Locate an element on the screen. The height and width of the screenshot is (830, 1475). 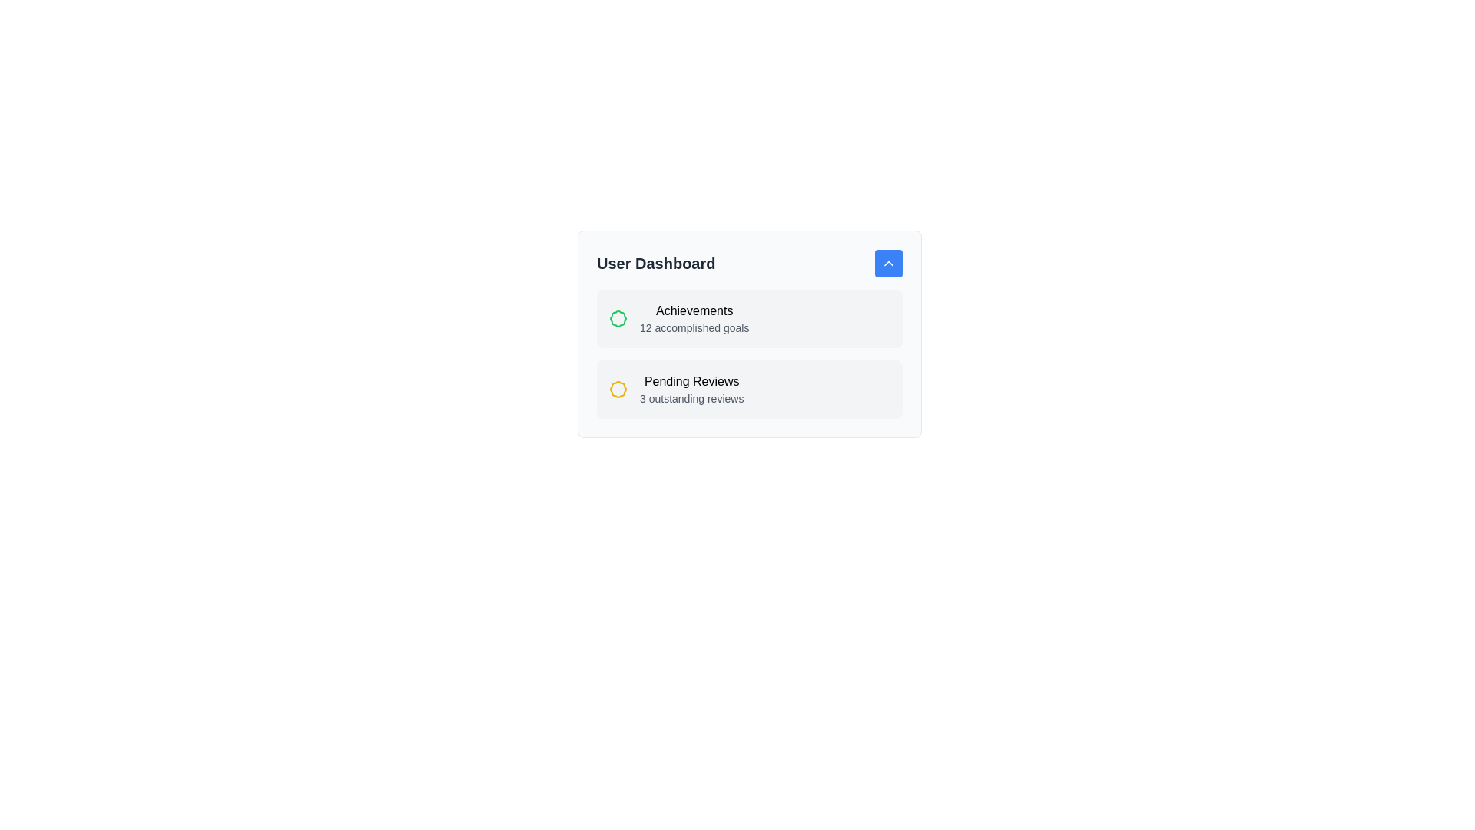
SVG Icon that serves as a visual indicator for the 'Achievements' section in the User Dashboard panel, located to the left of the title text is located at coordinates (618, 318).